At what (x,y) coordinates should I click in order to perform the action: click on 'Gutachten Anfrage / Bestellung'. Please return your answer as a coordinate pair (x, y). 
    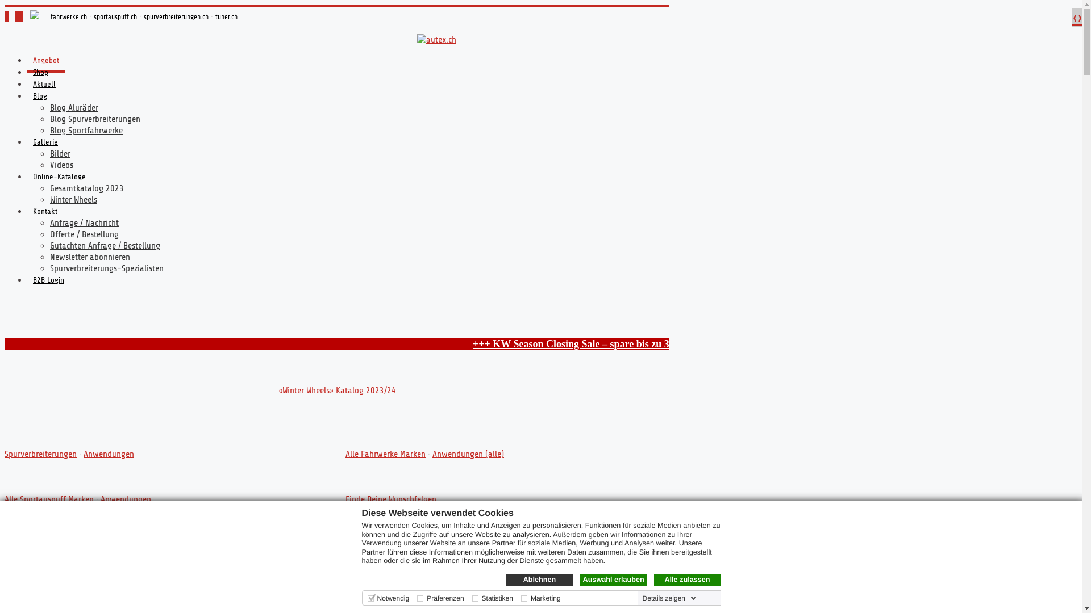
    Looking at the image, I should click on (105, 245).